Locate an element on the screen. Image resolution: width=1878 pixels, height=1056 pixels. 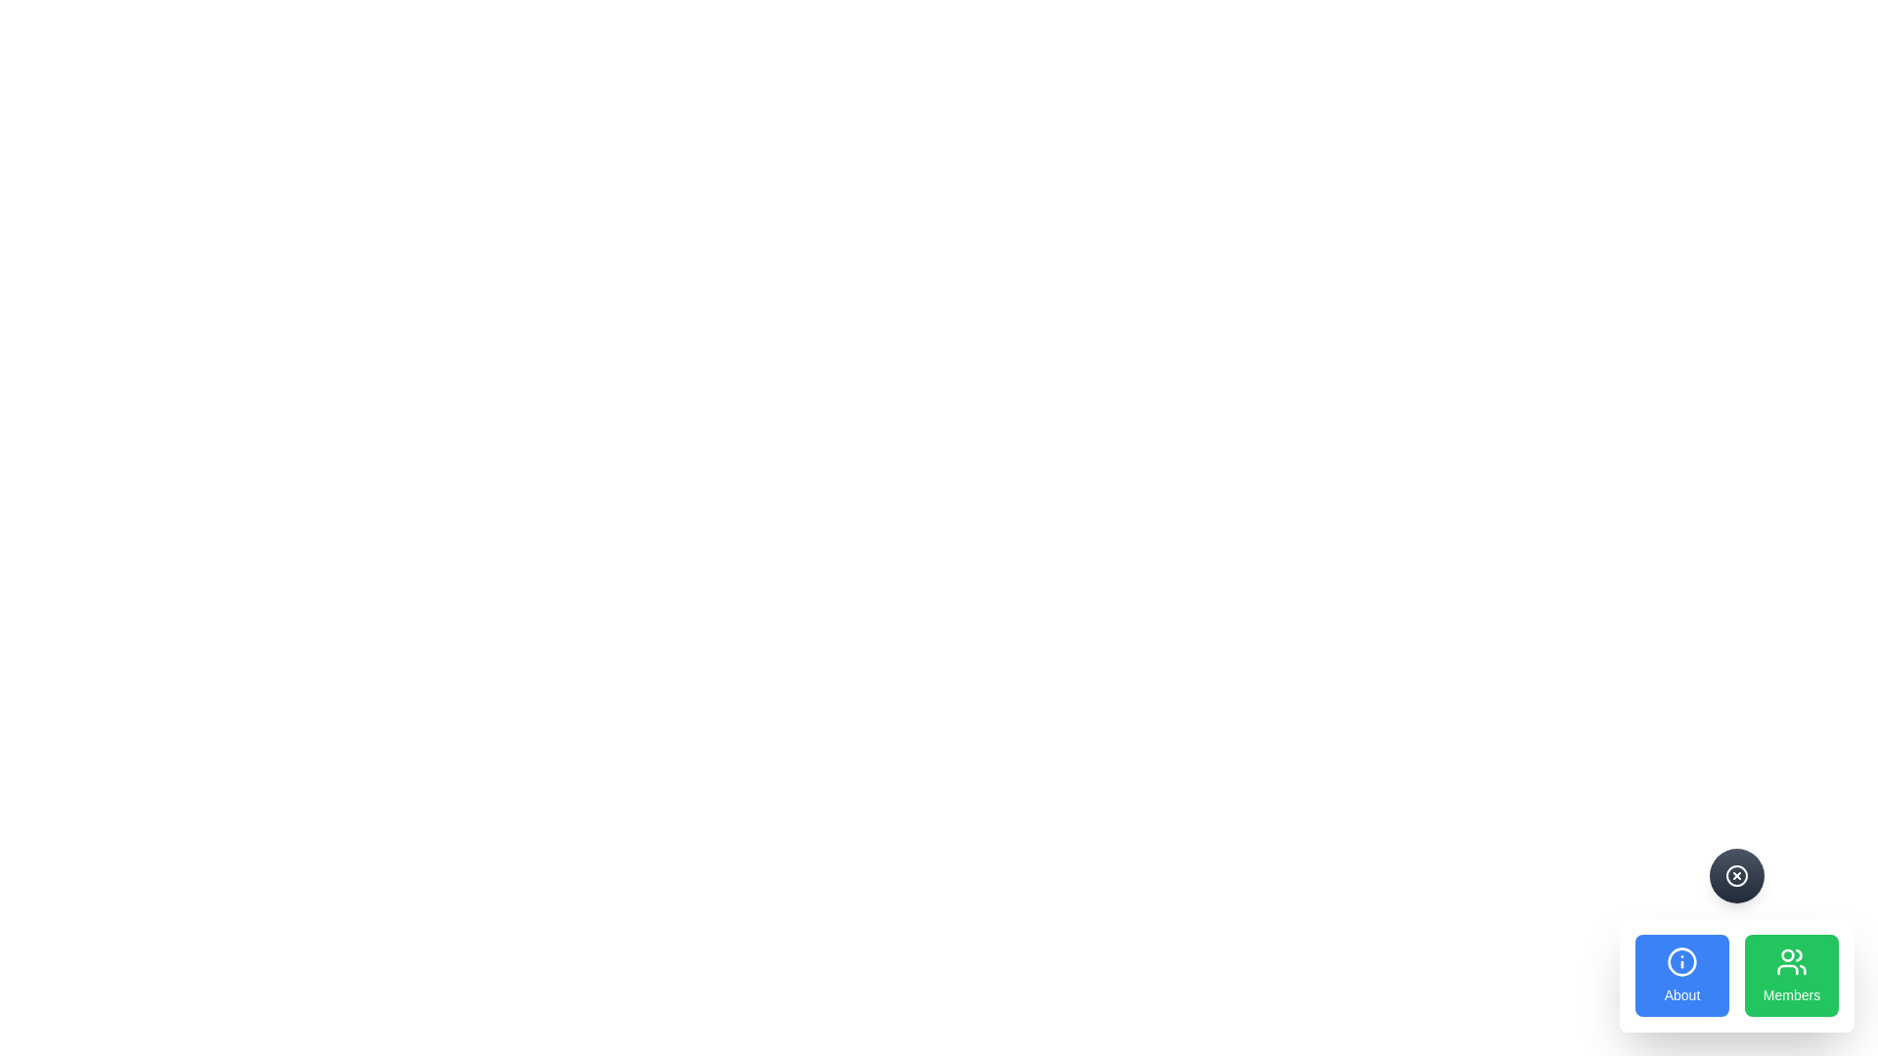
the circular icon with an 'X' shape in the center is located at coordinates (1737, 874).